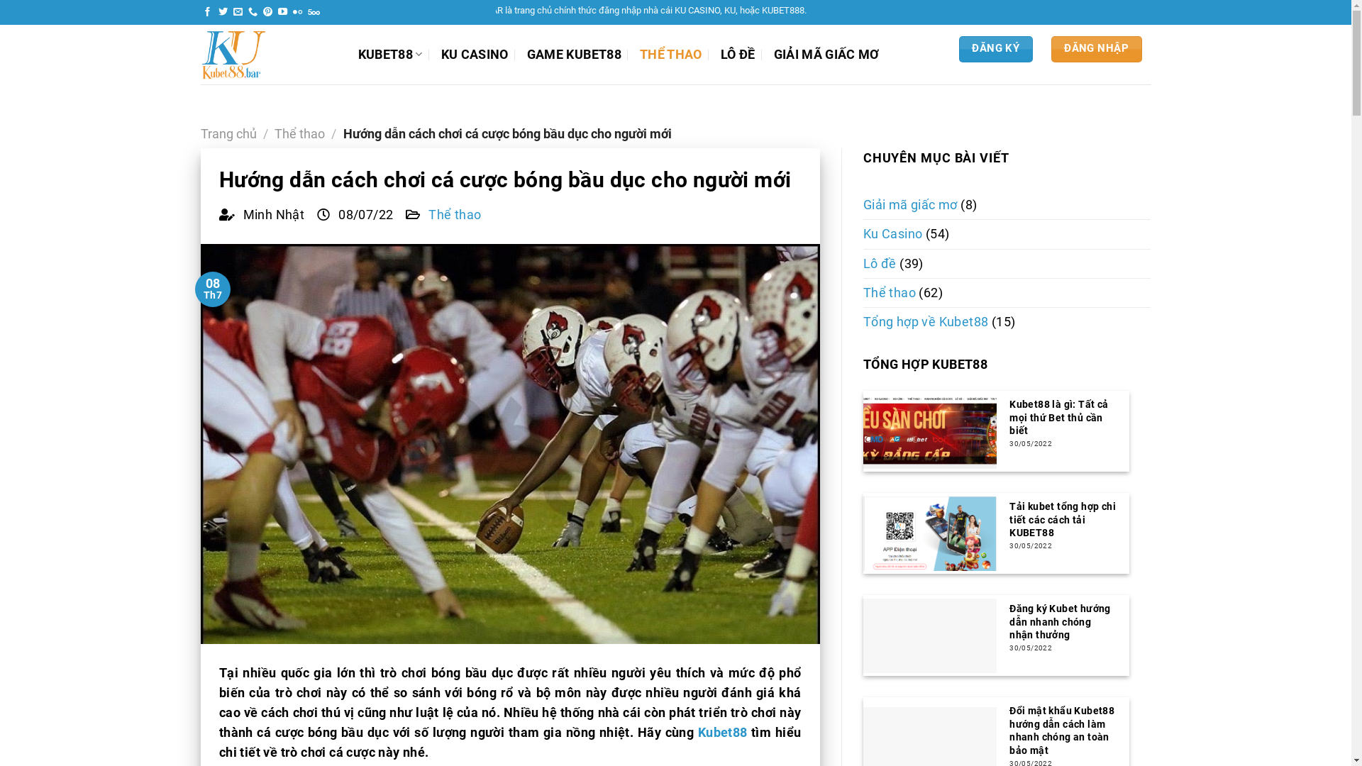  Describe the element at coordinates (267, 12) in the screenshot. I see `'Follow on Pinterest'` at that location.